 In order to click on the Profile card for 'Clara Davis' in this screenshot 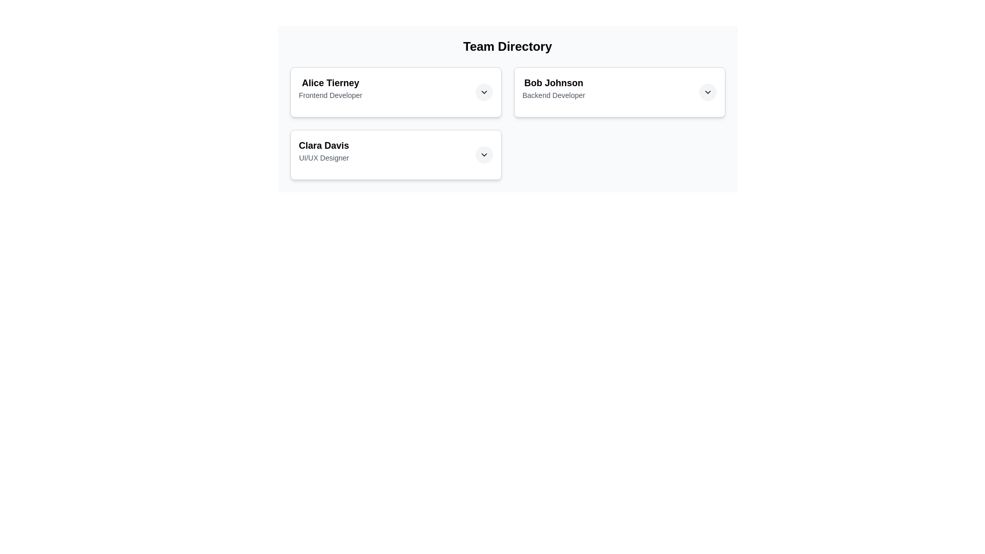, I will do `click(395, 154)`.